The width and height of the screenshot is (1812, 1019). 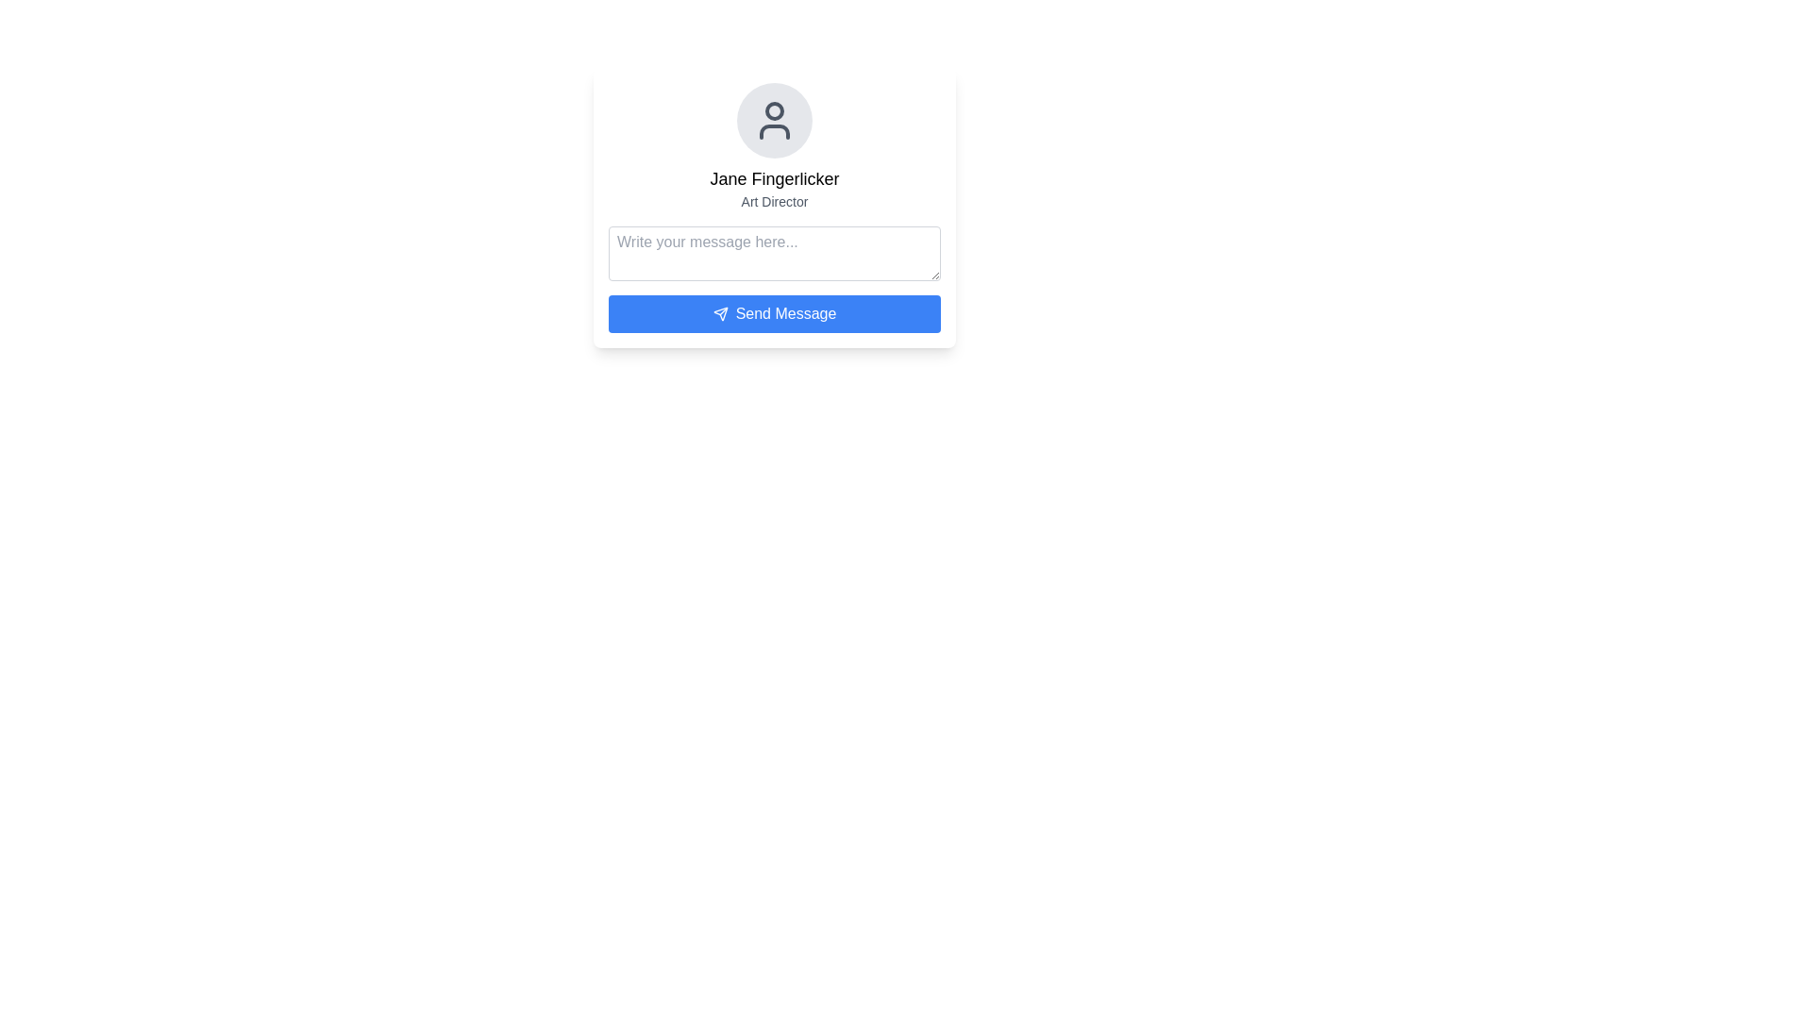 What do you see at coordinates (719, 312) in the screenshot?
I see `the triangular icon that represents the action of sending a message, located on the left side of the text within the 'Send Message' button` at bounding box center [719, 312].